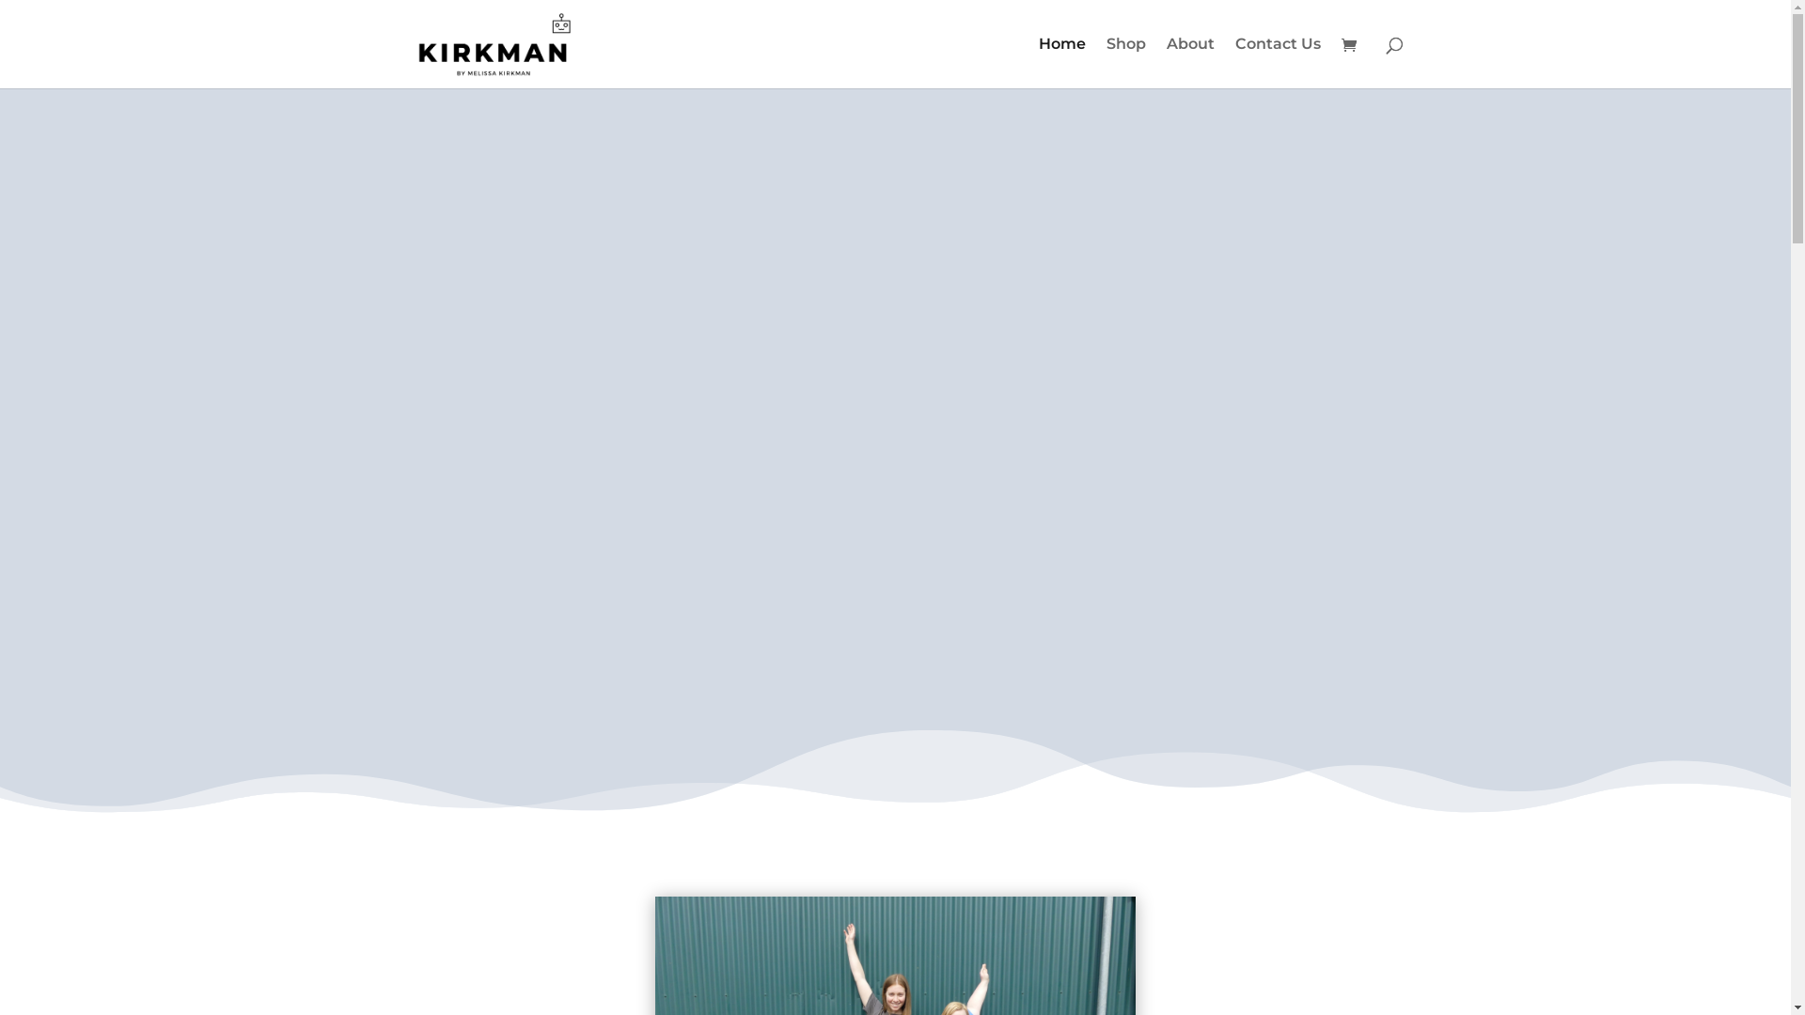 This screenshot has width=1805, height=1015. Describe the element at coordinates (1124, 61) in the screenshot. I see `'Shop'` at that location.